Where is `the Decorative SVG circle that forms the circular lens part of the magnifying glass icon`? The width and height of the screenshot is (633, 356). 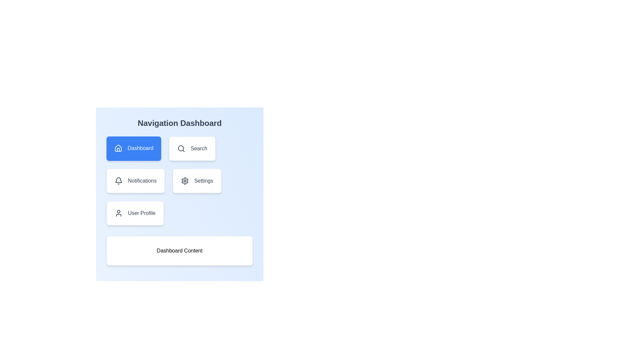 the Decorative SVG circle that forms the circular lens part of the magnifying glass icon is located at coordinates (181, 148).